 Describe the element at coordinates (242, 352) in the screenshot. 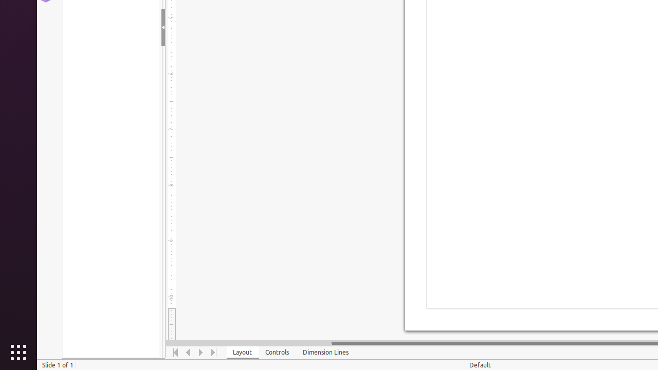

I see `'Layout'` at that location.